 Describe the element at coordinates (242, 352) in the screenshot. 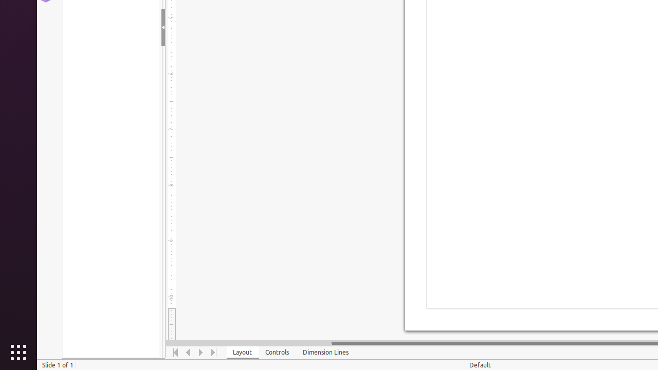

I see `'Layout'` at that location.